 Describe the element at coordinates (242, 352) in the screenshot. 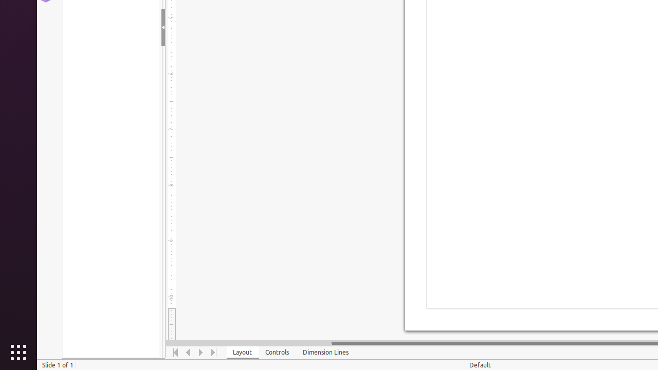

I see `'Layout'` at that location.